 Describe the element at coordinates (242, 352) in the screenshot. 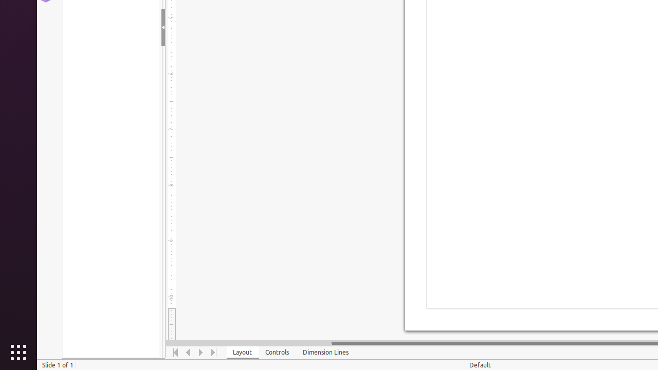

I see `'Layout'` at that location.